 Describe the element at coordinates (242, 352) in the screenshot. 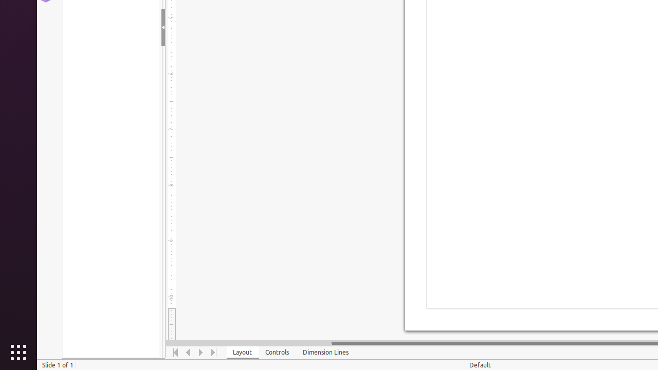

I see `'Layout'` at that location.